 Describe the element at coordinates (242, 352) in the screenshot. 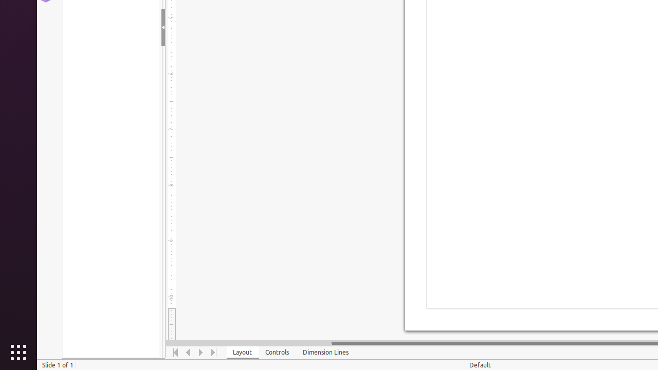

I see `'Layout'` at that location.